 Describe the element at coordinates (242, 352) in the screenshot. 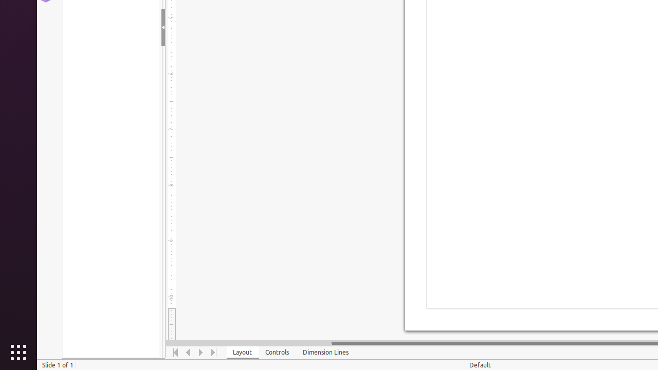

I see `'Layout'` at that location.